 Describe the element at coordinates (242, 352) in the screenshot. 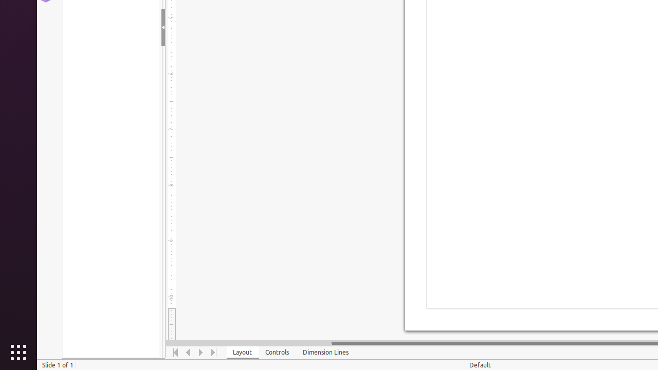

I see `'Layout'` at that location.